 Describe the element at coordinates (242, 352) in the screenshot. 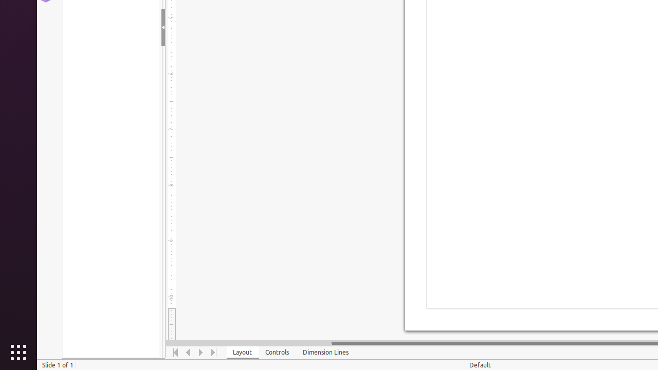

I see `'Layout'` at that location.